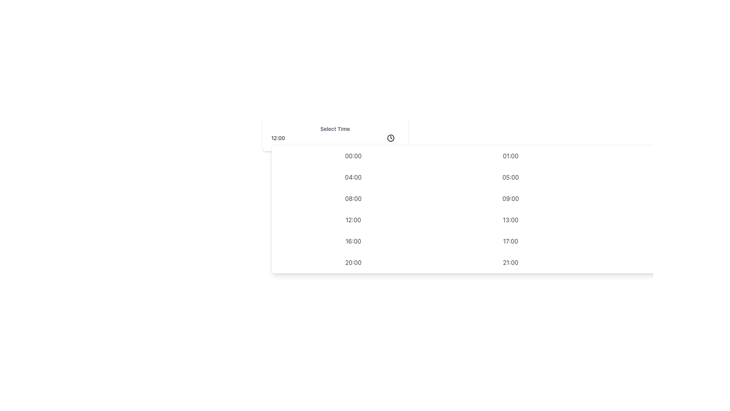  I want to click on the icon located at the far right of the 'Select Time' text input field, which potentially opens a time picker, so click(393, 138).